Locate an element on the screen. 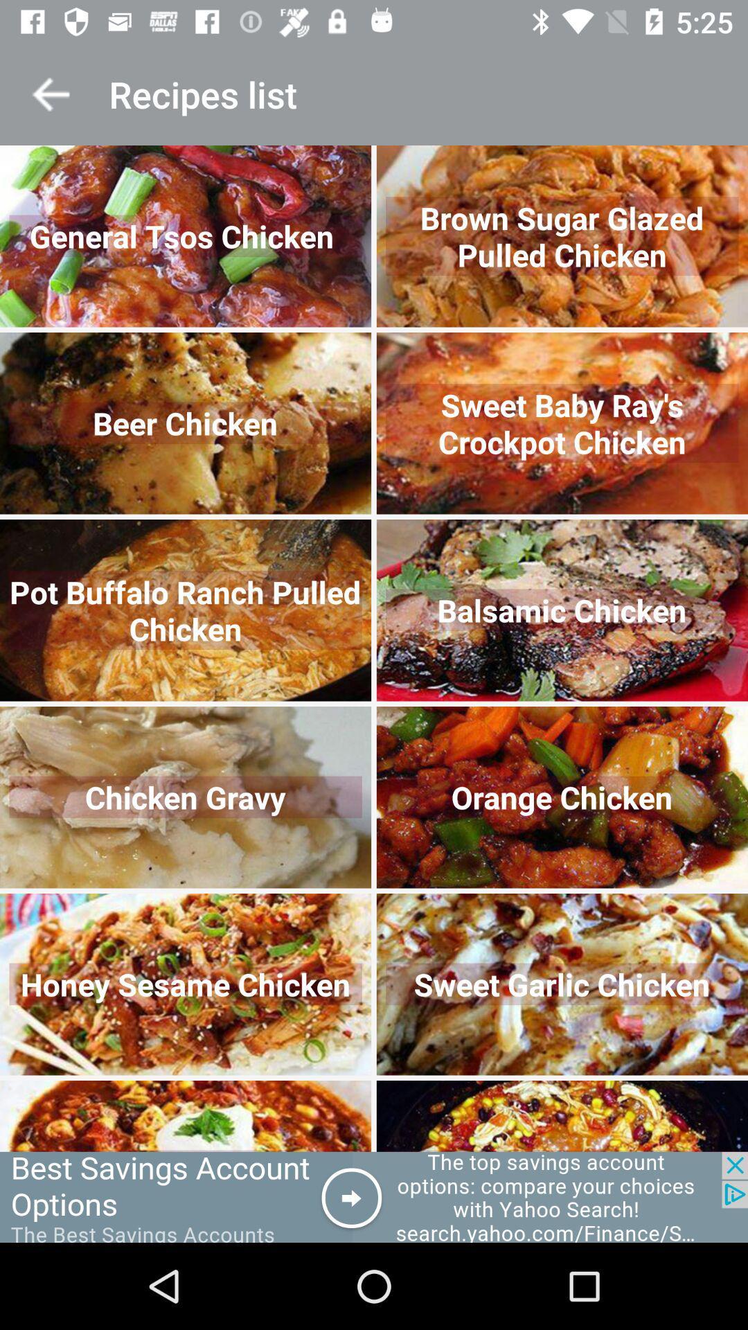 The height and width of the screenshot is (1330, 748). the image right to beer chicken is located at coordinates (562, 423).